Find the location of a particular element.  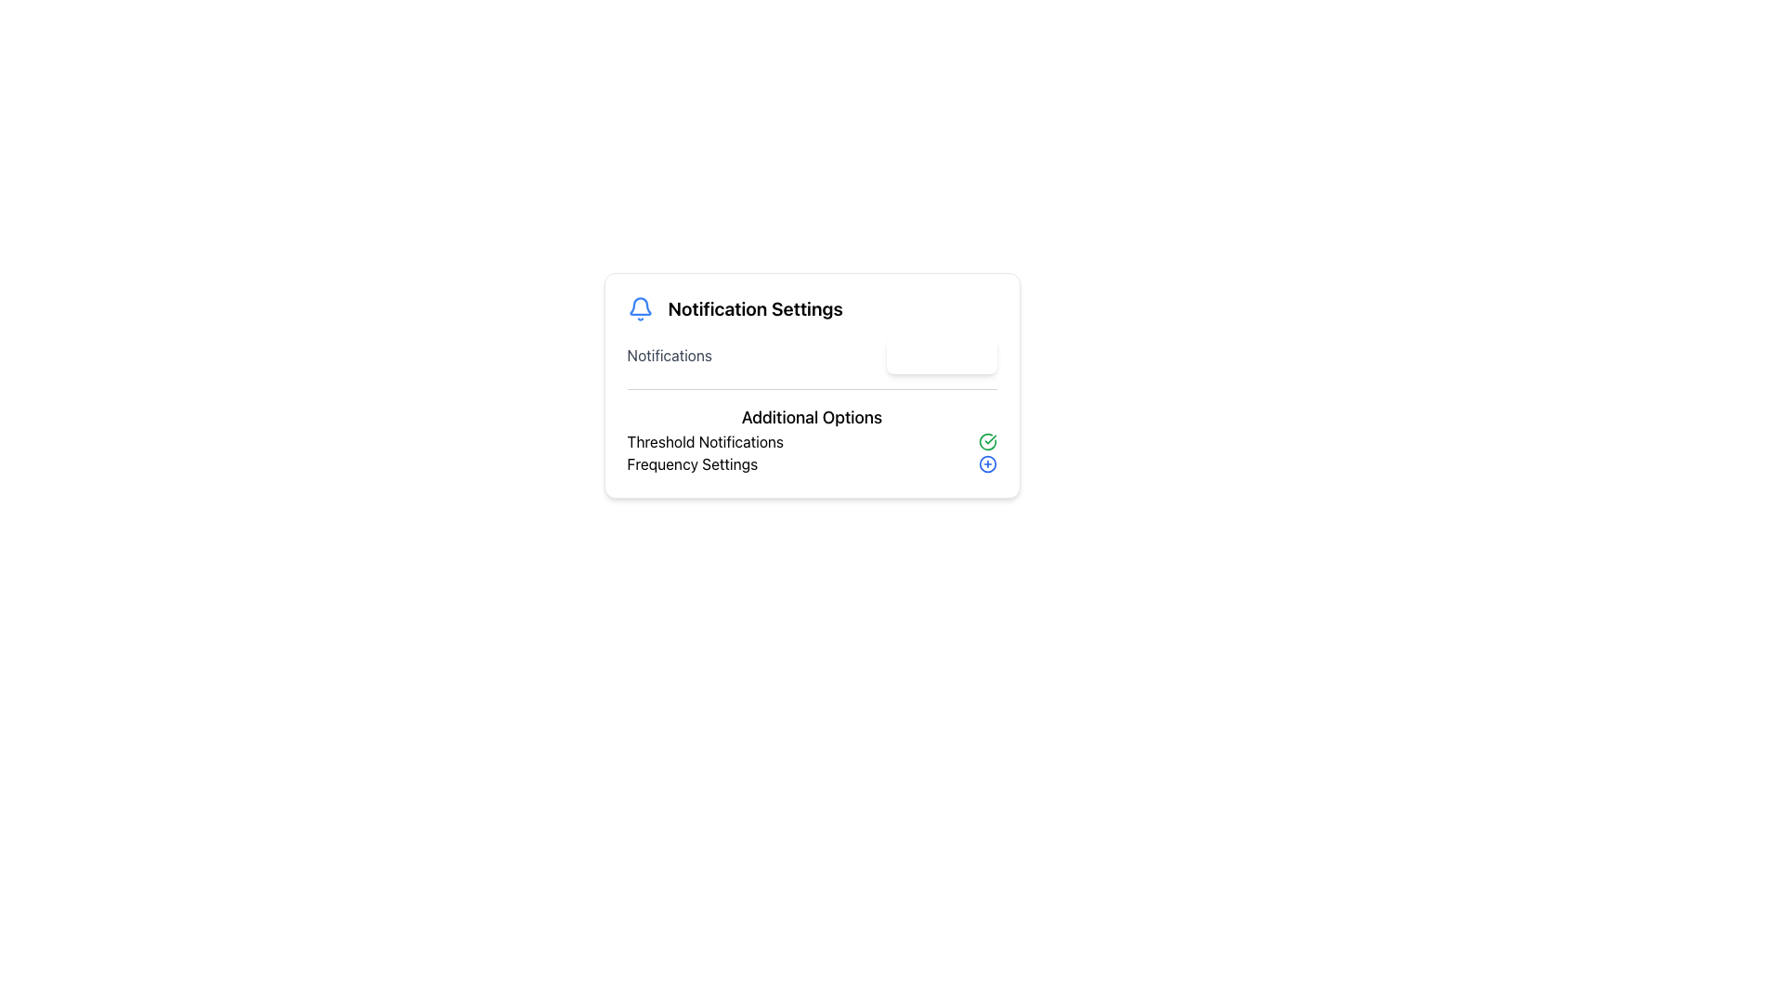

the toggle switch icon, which is styled as a right-pointing toggle with a rounded rectangular base is located at coordinates (971, 355).